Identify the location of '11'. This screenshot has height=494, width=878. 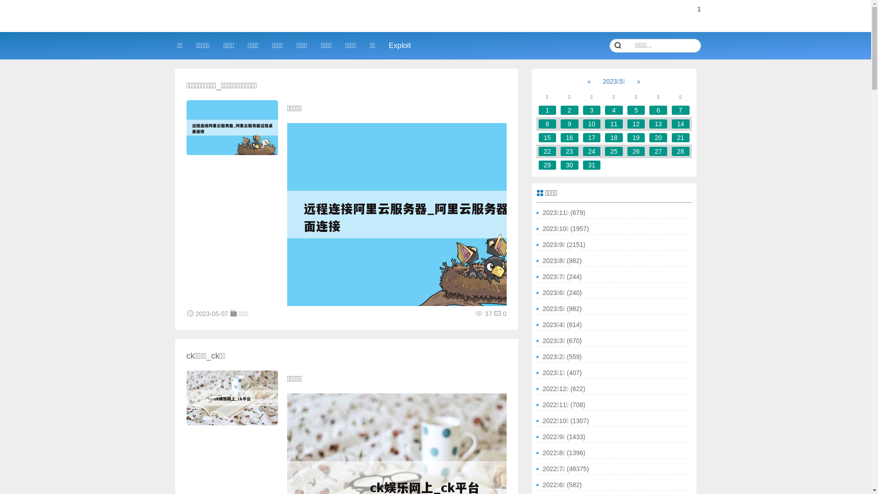
(614, 123).